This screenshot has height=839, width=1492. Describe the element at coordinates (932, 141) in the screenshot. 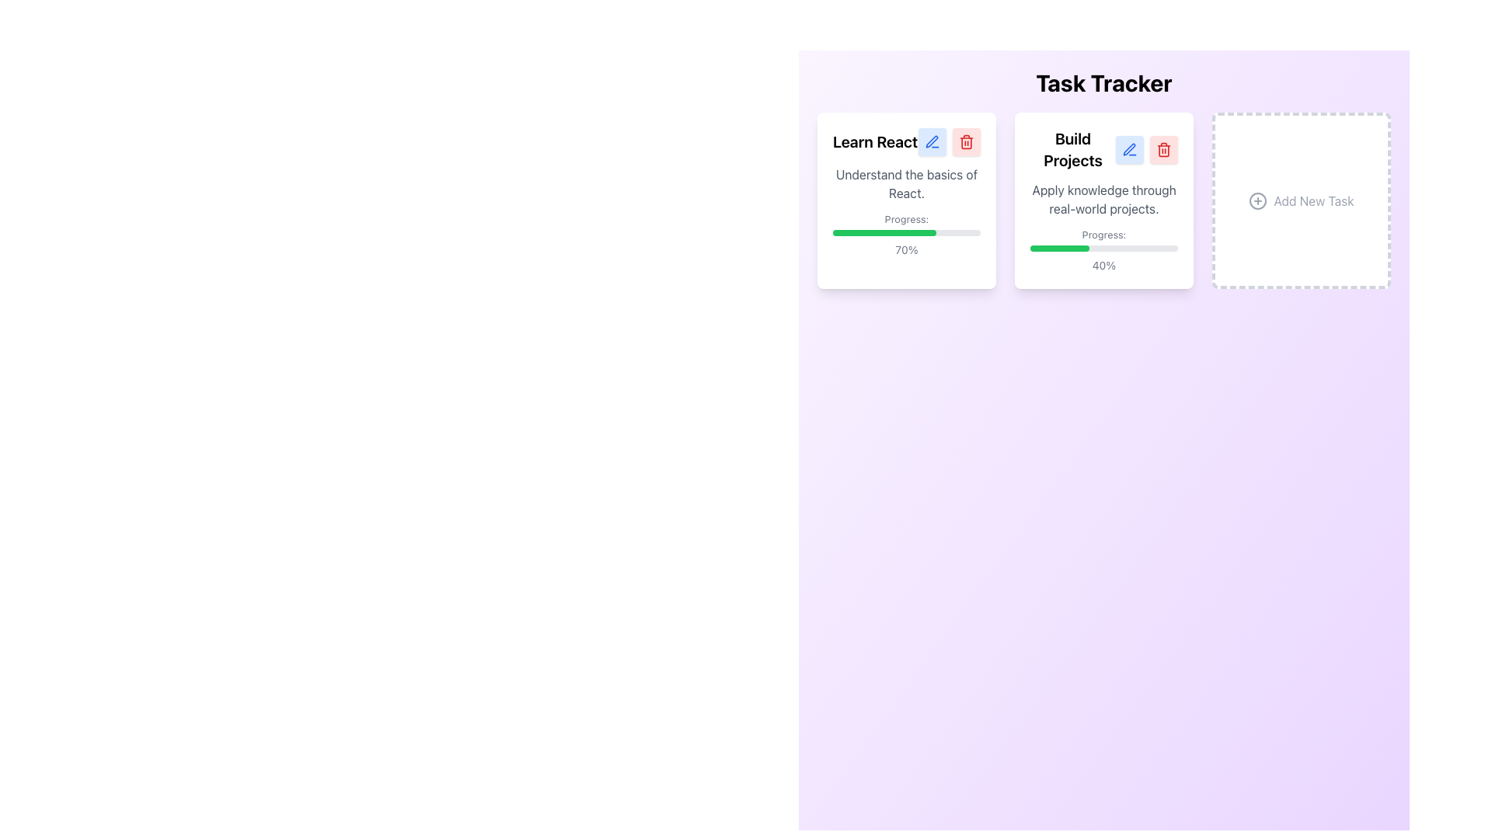

I see `the small rectangular button with a blue background and a pen icon in the top-right corner of the 'Learn React' task card` at that location.